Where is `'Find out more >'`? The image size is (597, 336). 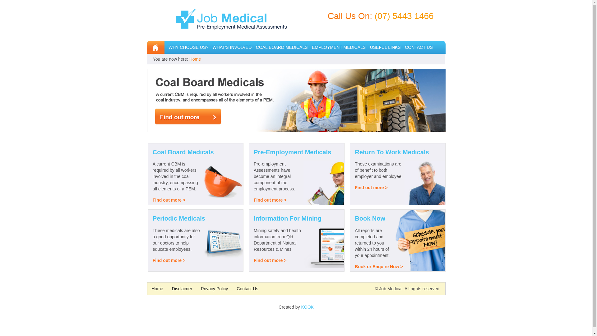 'Find out more >' is located at coordinates (270, 200).